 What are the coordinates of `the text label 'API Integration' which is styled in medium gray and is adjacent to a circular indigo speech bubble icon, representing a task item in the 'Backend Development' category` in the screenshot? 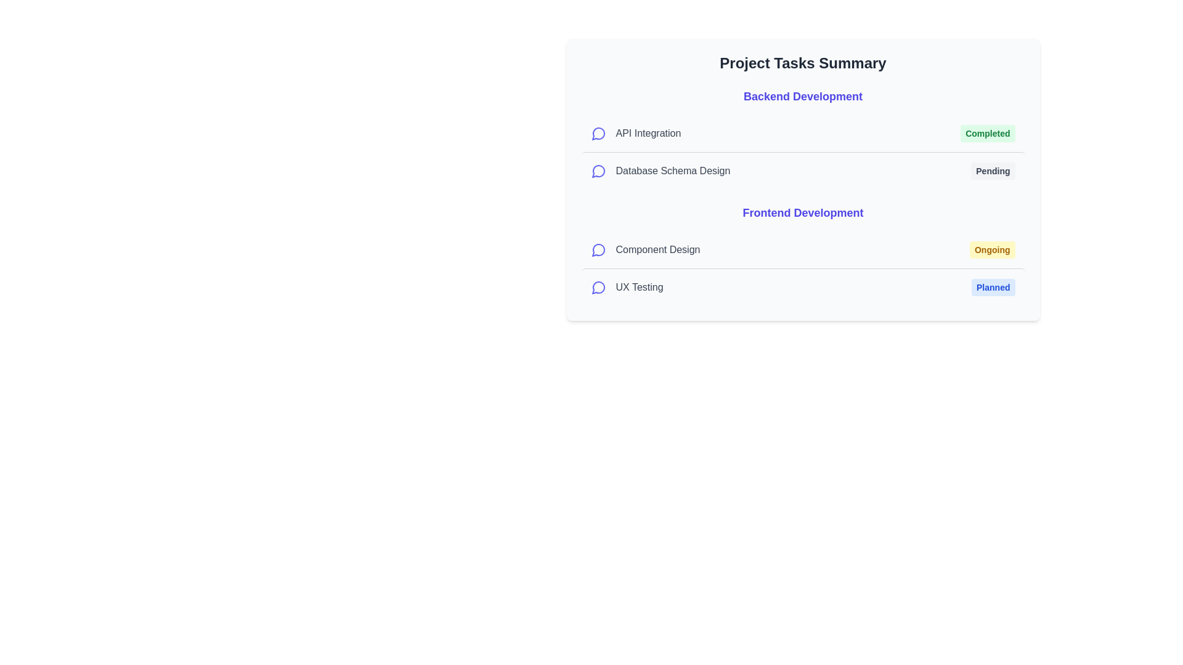 It's located at (636, 133).